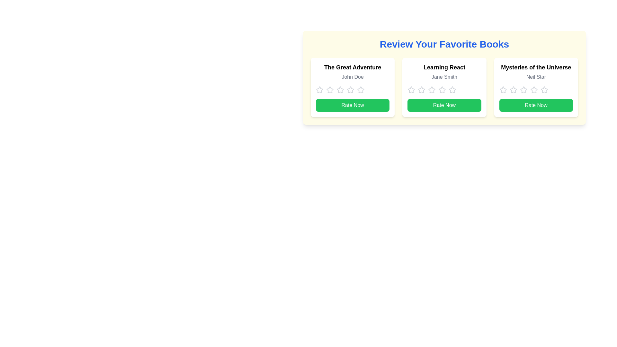 This screenshot has width=617, height=347. I want to click on on the star icon in the rating component of the card titled 'Mysteries of the Universe' by Neil Star, so click(536, 90).